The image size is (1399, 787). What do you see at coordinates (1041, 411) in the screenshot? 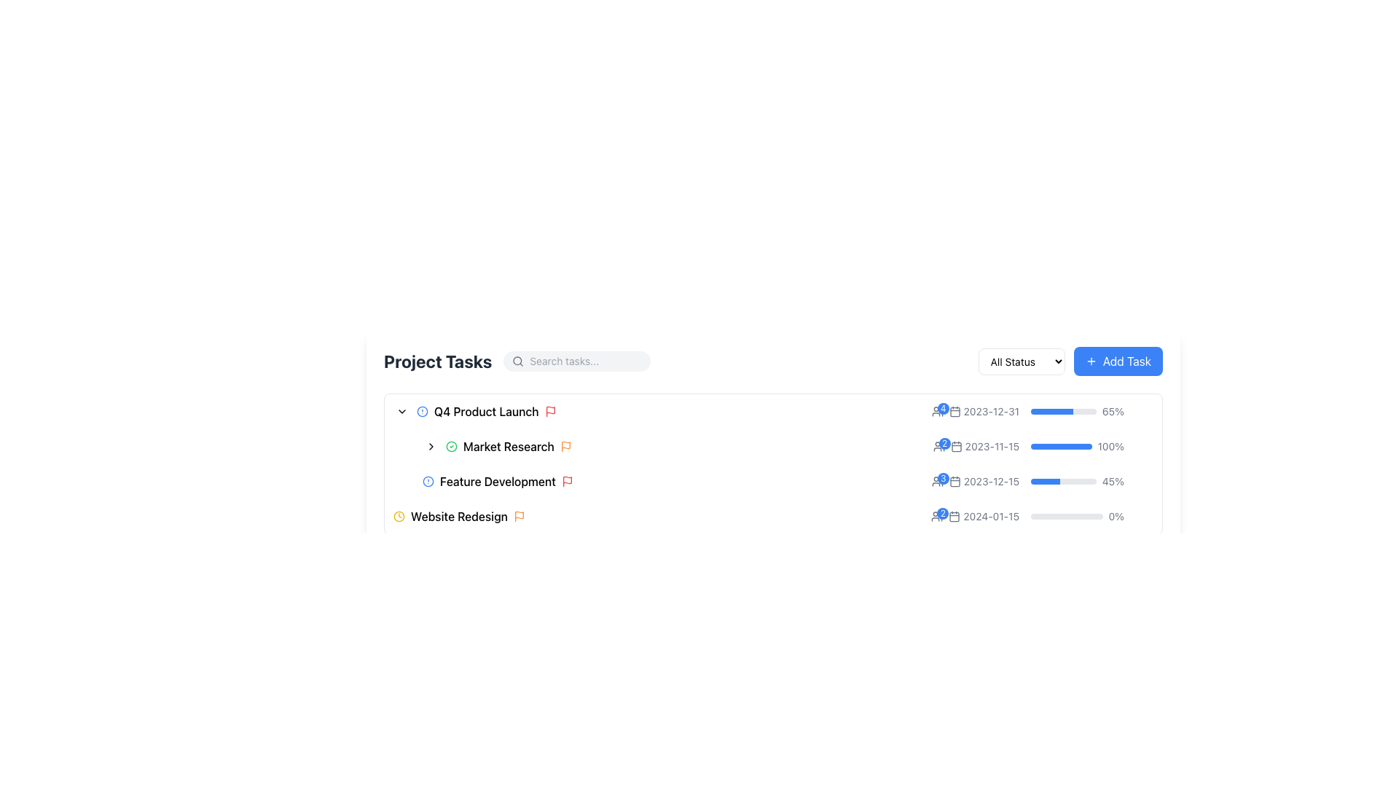
I see `progress and associated metadata from the progress bar displaying 65% for the task labeled 'Q4 Product Launch', located towards the right end adjacent to a blue badge` at bounding box center [1041, 411].